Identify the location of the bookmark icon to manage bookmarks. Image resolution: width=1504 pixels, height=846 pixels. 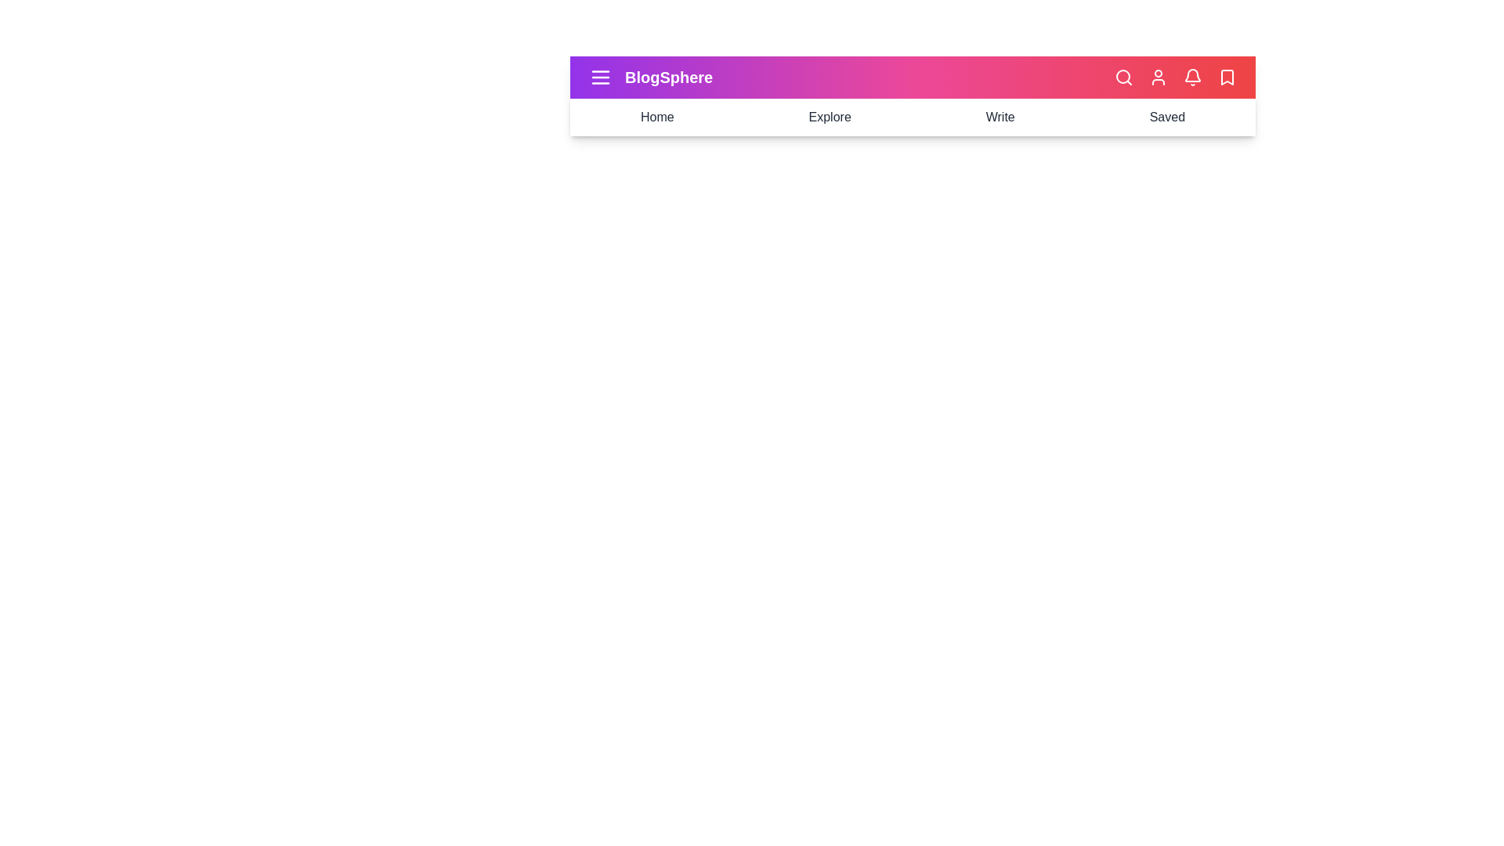
(1226, 78).